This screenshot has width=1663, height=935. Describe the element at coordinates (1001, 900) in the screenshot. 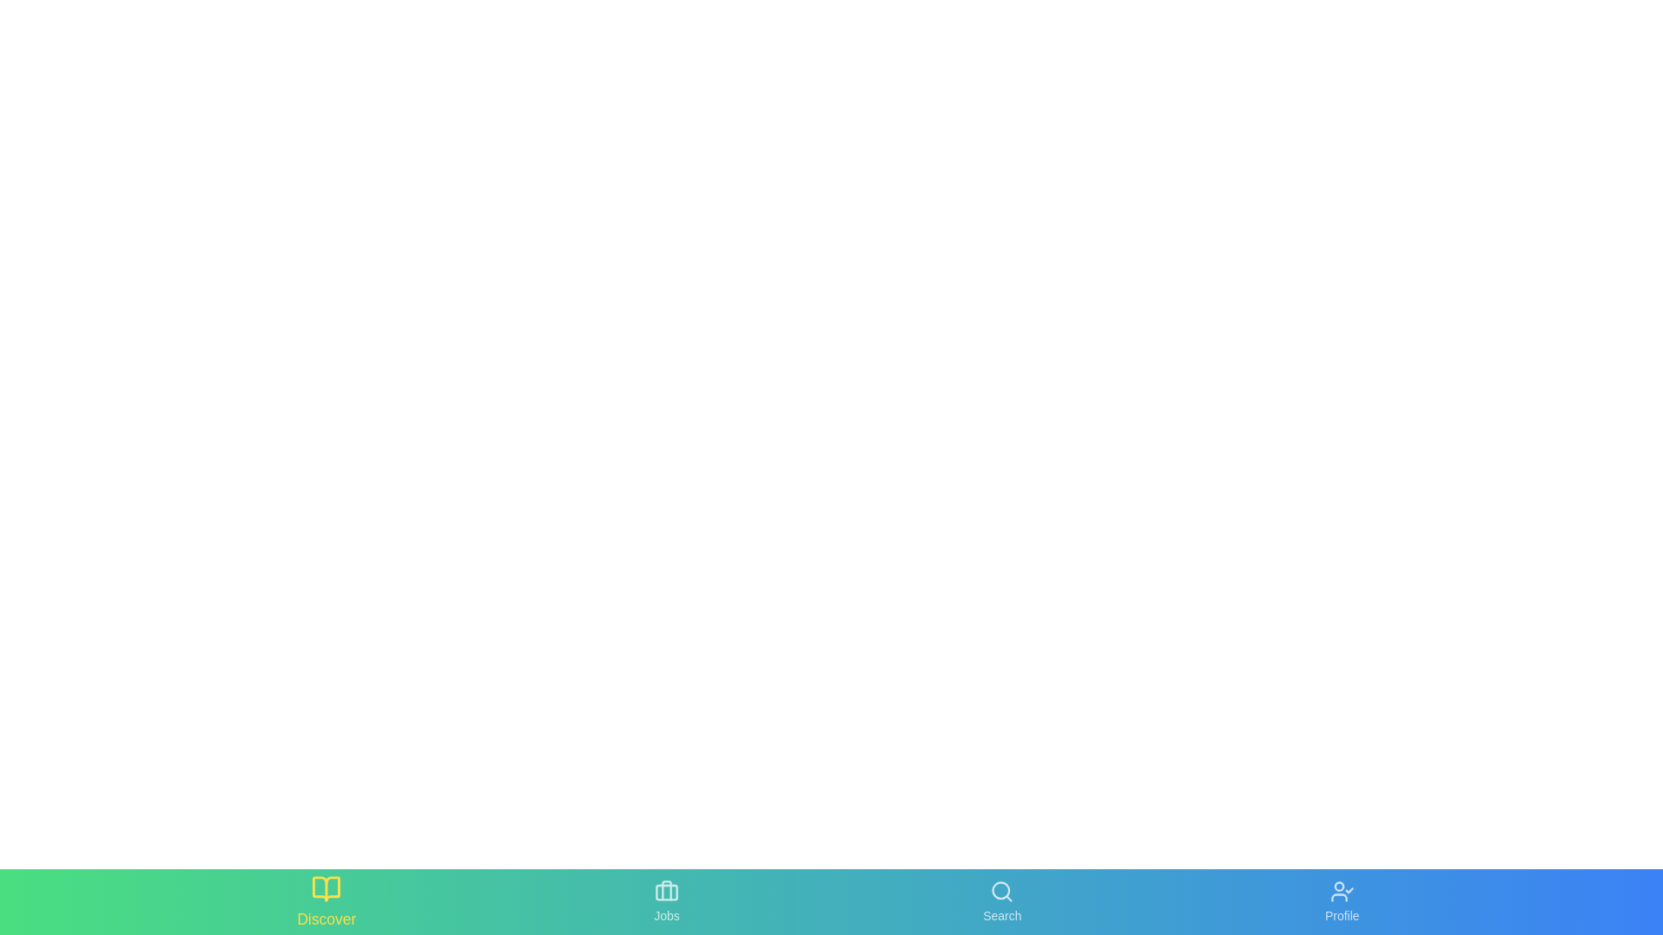

I see `the 'Search' button to activate the 'Search' section` at that location.